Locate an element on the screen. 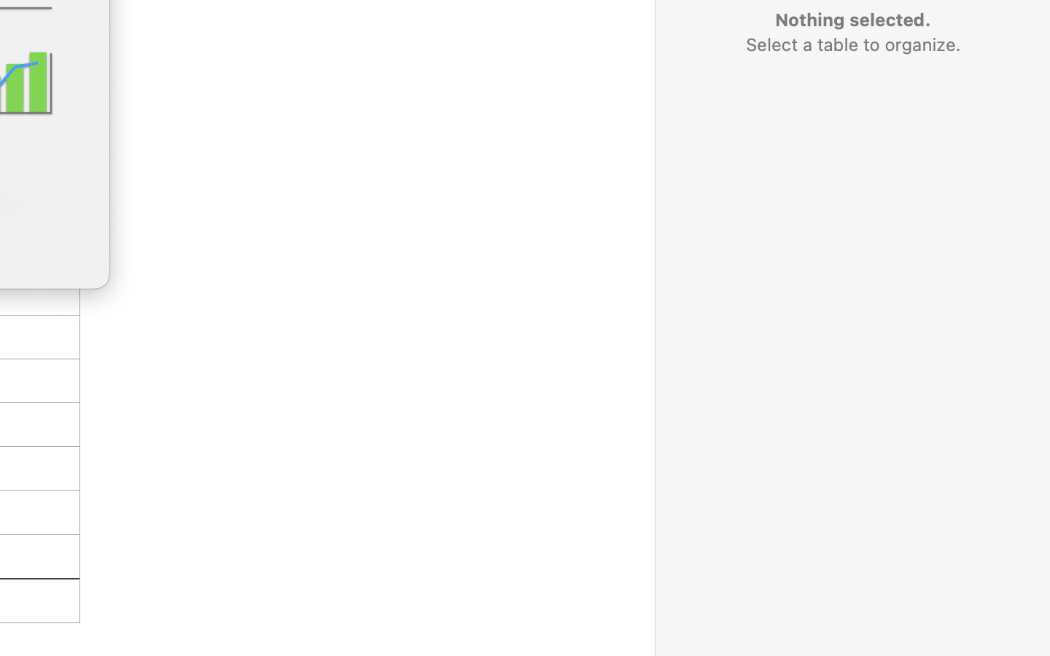 This screenshot has height=656, width=1050. 'Select a table to organize.' is located at coordinates (852, 44).